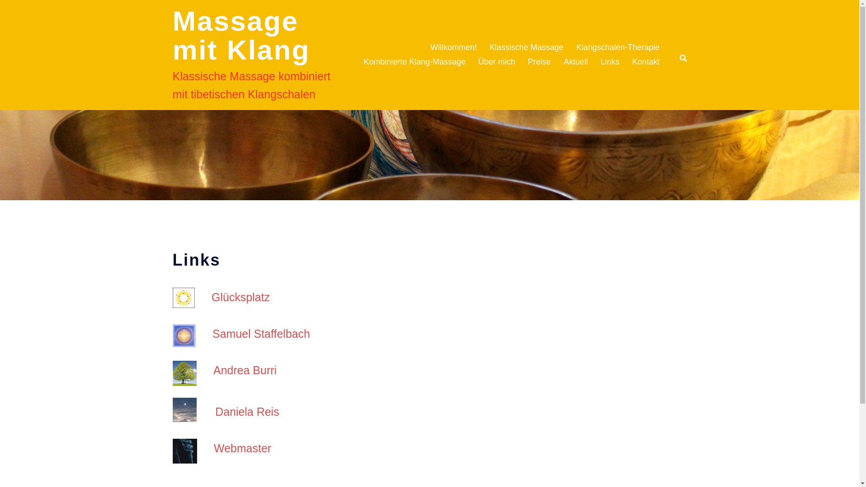  Describe the element at coordinates (575, 47) in the screenshot. I see `'Klangschalen-Therapie'` at that location.